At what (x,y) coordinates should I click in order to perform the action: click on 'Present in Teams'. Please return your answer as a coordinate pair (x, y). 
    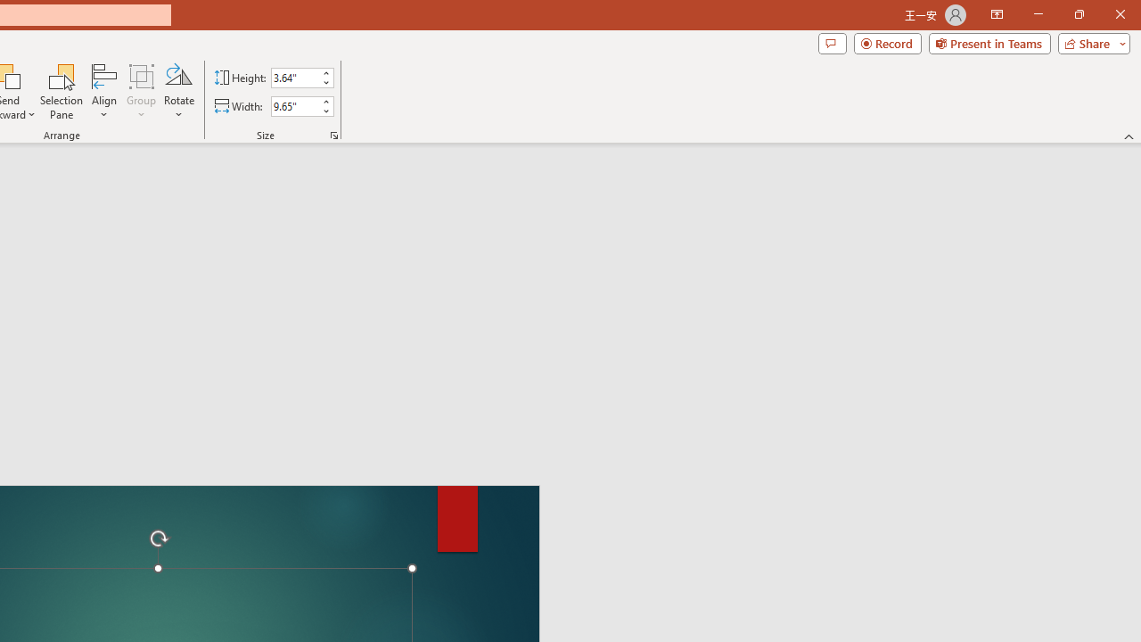
    Looking at the image, I should click on (989, 42).